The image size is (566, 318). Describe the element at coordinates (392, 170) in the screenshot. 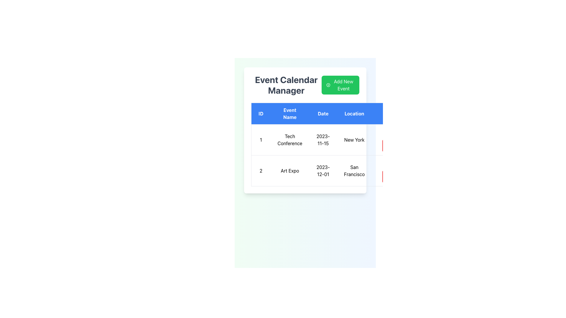

I see `the 'Delete' button in the Button Group located in the fifth column of the second row of the table, adjacent to the 'San Francisco' cell` at that location.